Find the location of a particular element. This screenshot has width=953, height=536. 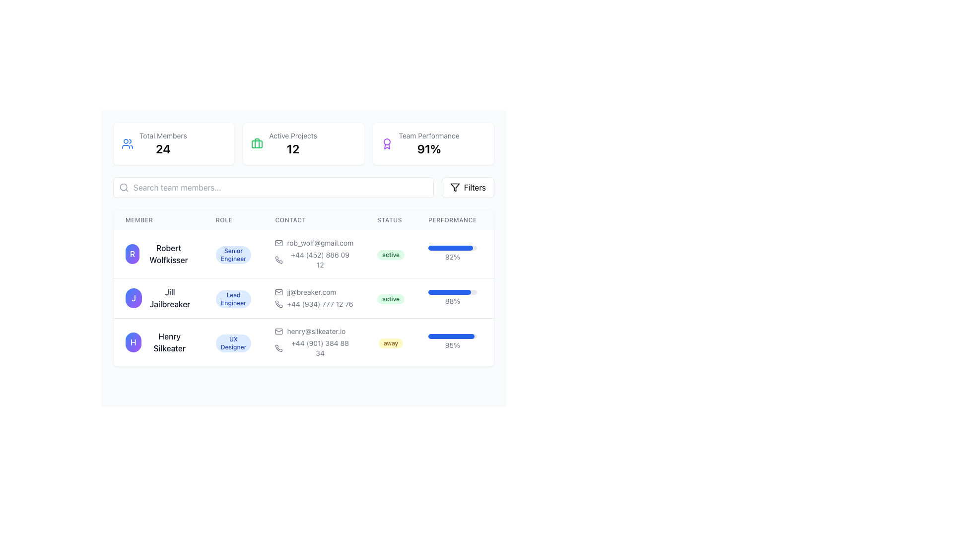

the static text element displaying the total count of members, which is positioned directly below the 'Total Members' label and centrally aligned in the upper-left portion of the interface is located at coordinates (163, 149).